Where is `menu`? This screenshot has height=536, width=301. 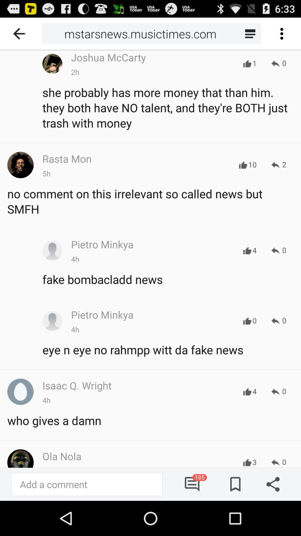
menu is located at coordinates (281, 33).